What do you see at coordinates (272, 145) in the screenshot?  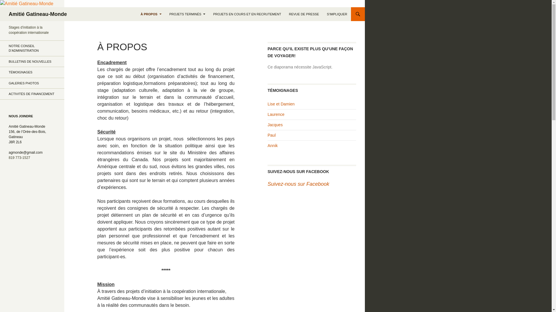 I see `'Annik'` at bounding box center [272, 145].